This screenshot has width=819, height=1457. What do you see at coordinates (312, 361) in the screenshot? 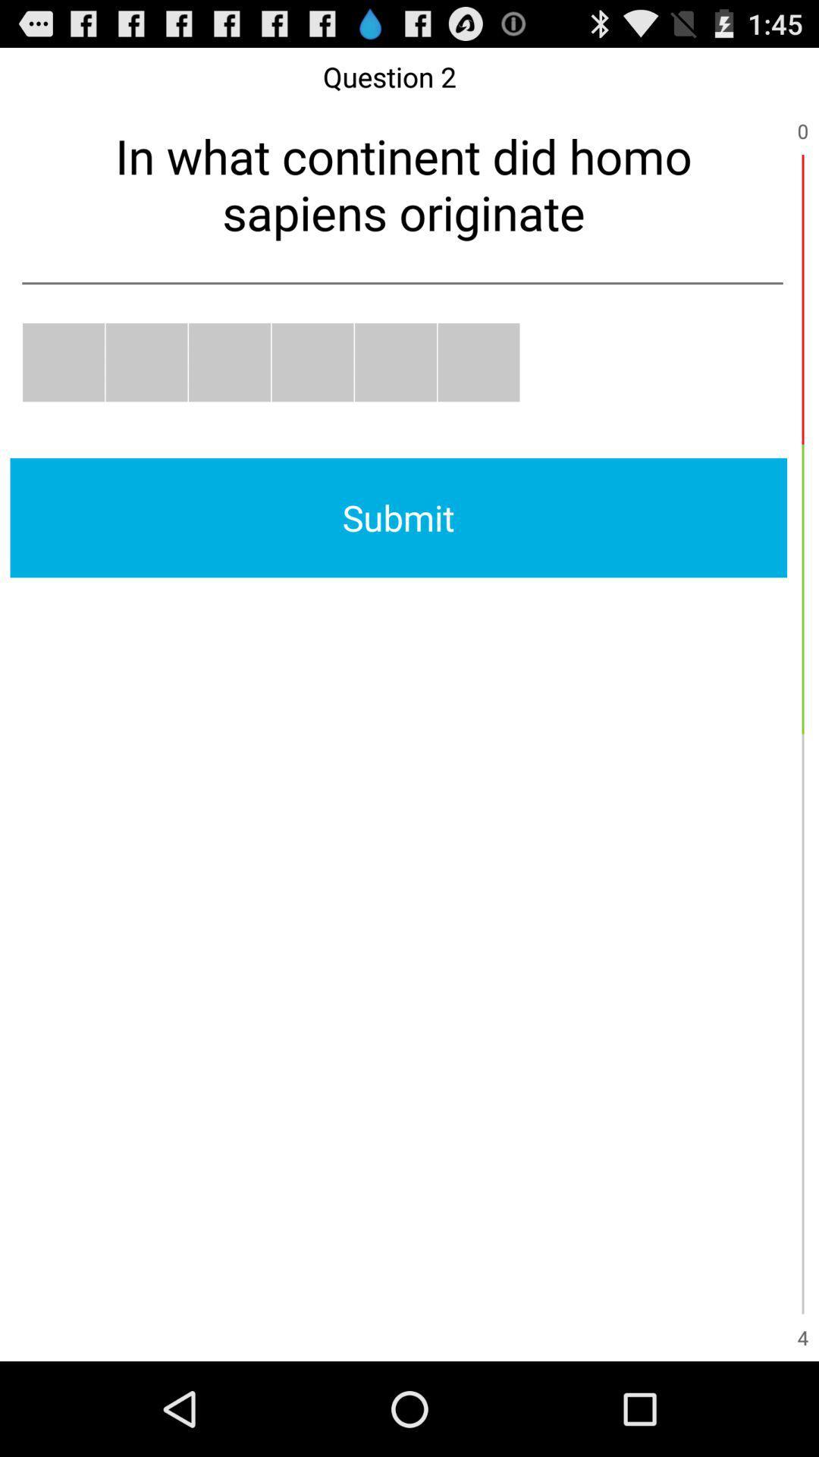
I see `choose answer four` at bounding box center [312, 361].